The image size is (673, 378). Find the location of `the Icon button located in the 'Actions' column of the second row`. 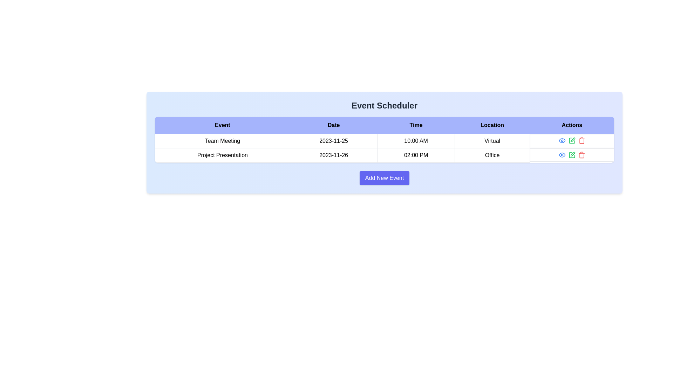

the Icon button located in the 'Actions' column of the second row is located at coordinates (562, 154).